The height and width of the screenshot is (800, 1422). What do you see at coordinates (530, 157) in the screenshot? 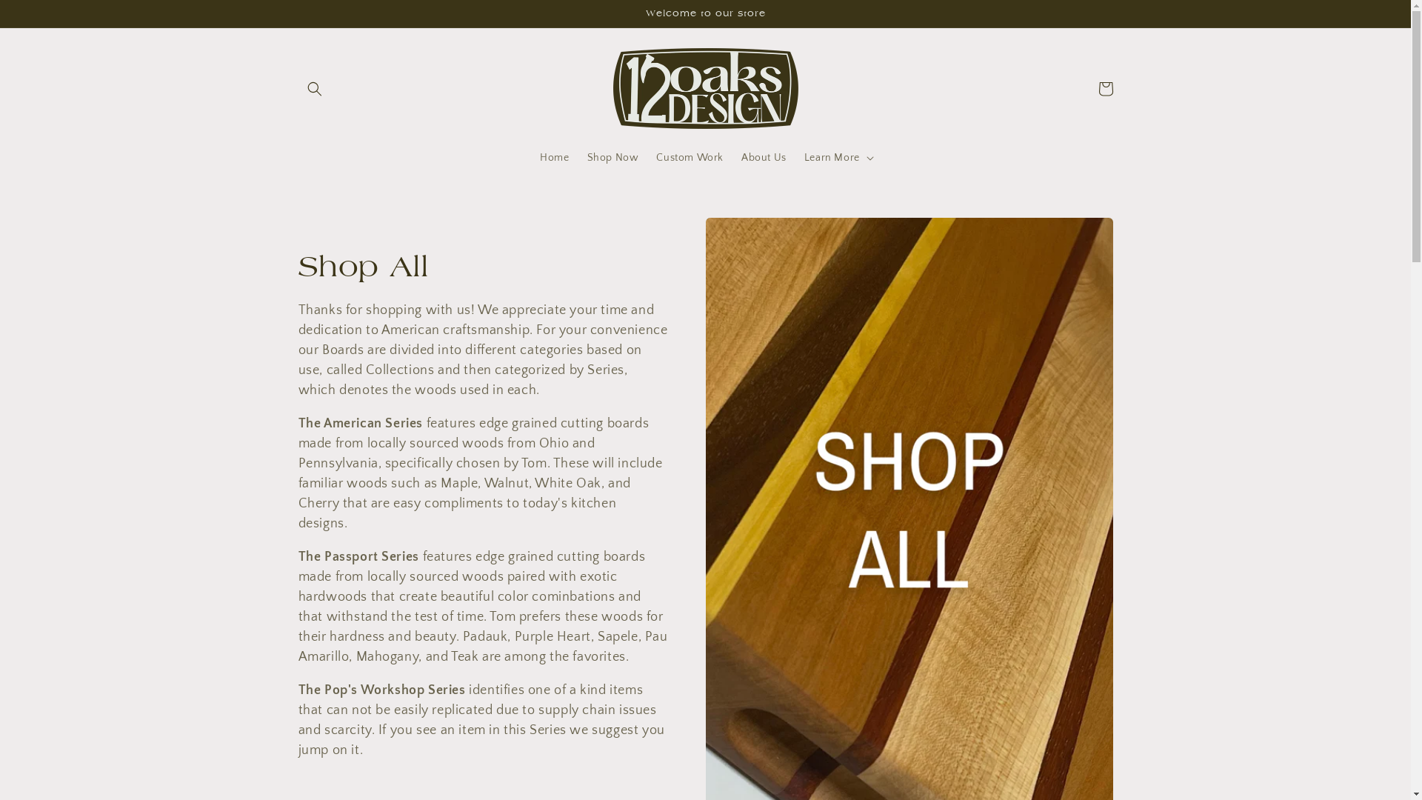
I see `'Home'` at bounding box center [530, 157].